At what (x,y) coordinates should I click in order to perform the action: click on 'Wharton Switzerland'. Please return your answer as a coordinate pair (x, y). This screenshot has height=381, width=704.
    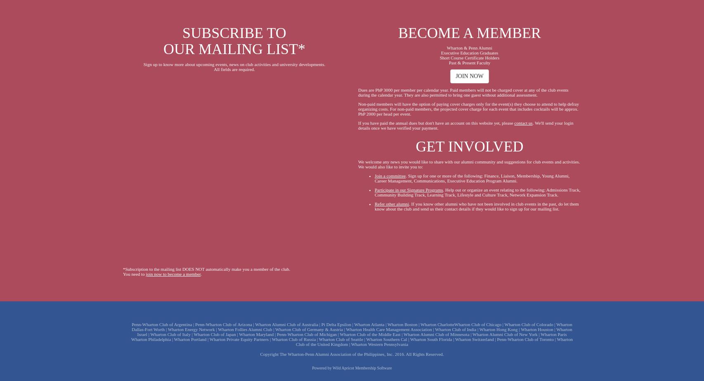
    Looking at the image, I should click on (474, 338).